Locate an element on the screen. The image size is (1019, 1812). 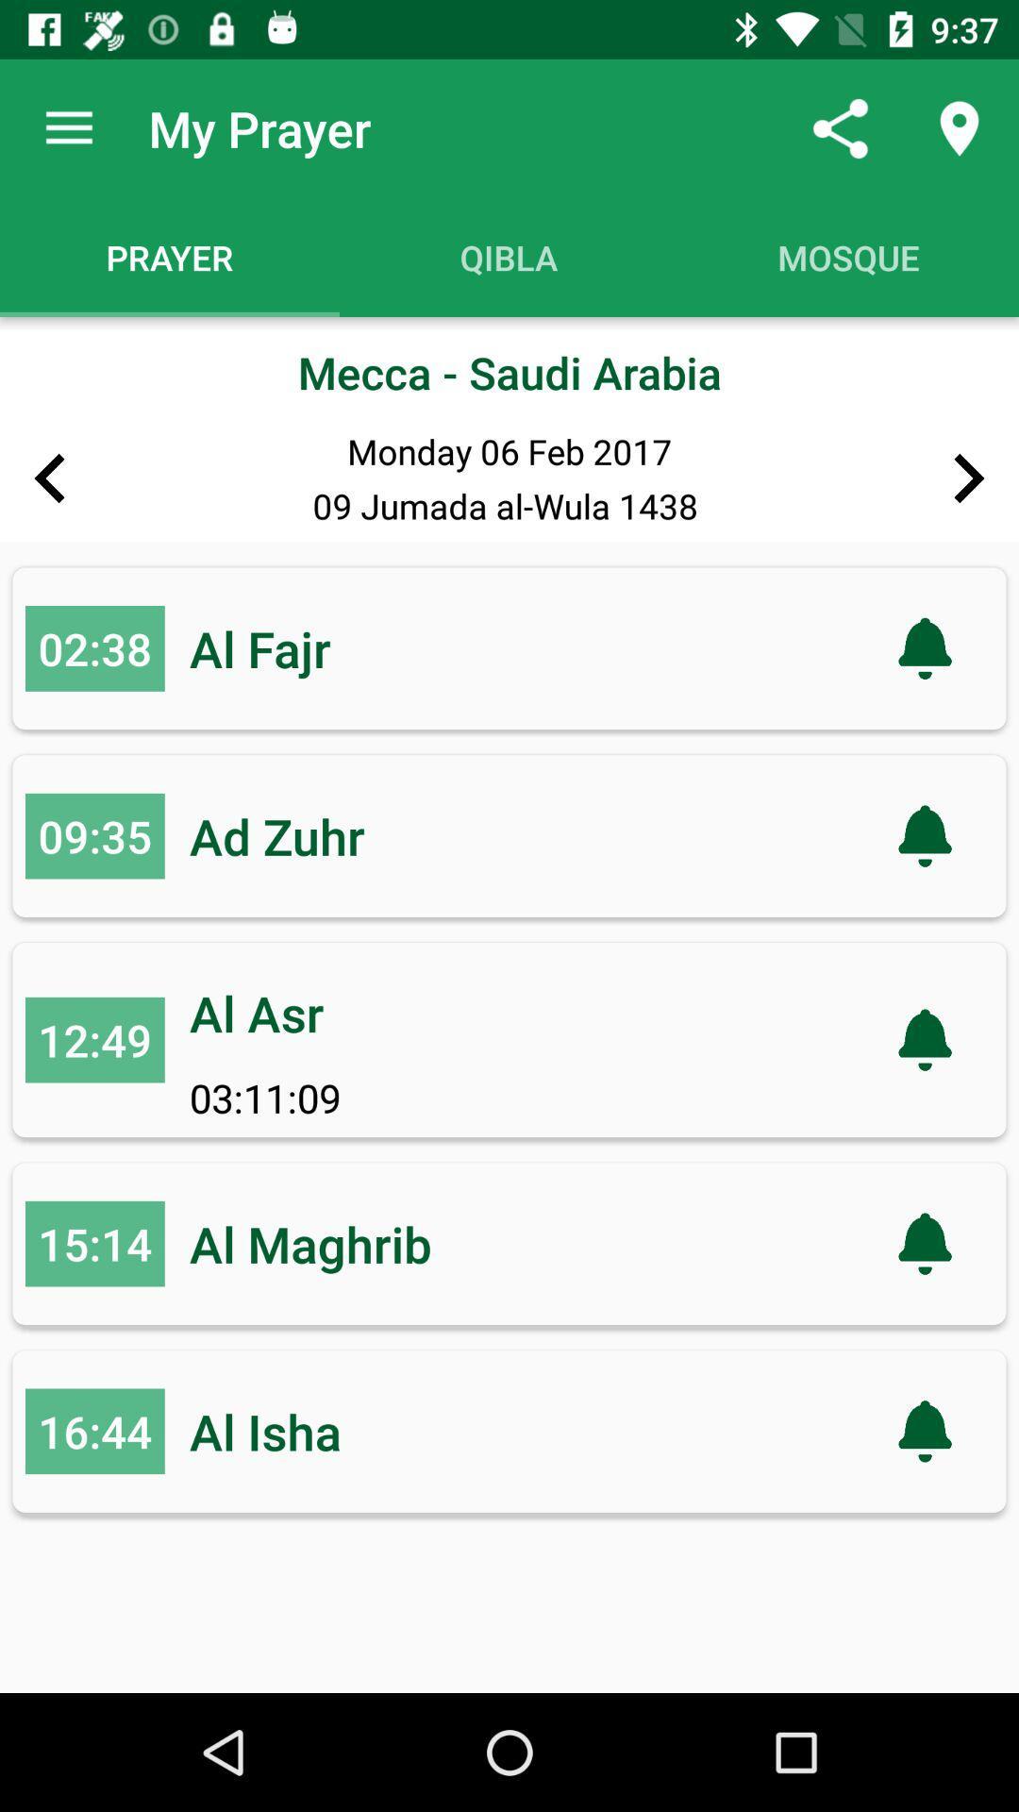
the 09:35 item is located at coordinates (94, 835).